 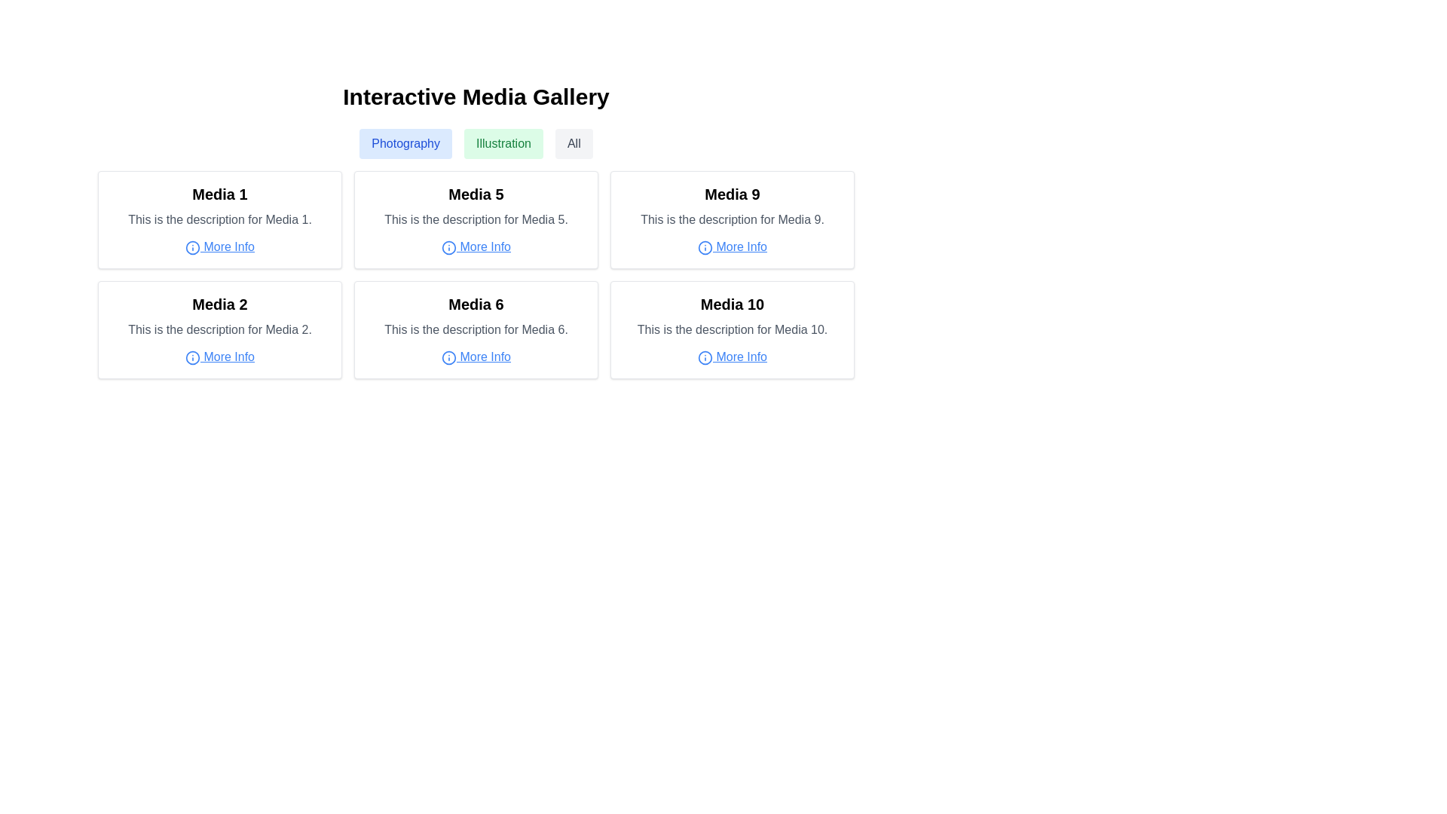 What do you see at coordinates (476, 329) in the screenshot?
I see `the gray text label displaying 'This is the description for Media 6', located in the second column and second row of the grid, positioned beneath the title 'Media 6' and above the 'More Info' link` at bounding box center [476, 329].